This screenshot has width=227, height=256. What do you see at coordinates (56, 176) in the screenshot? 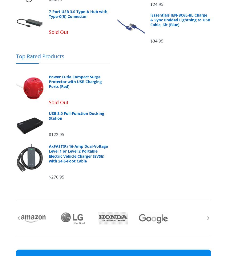
I see `'$270.95'` at bounding box center [56, 176].